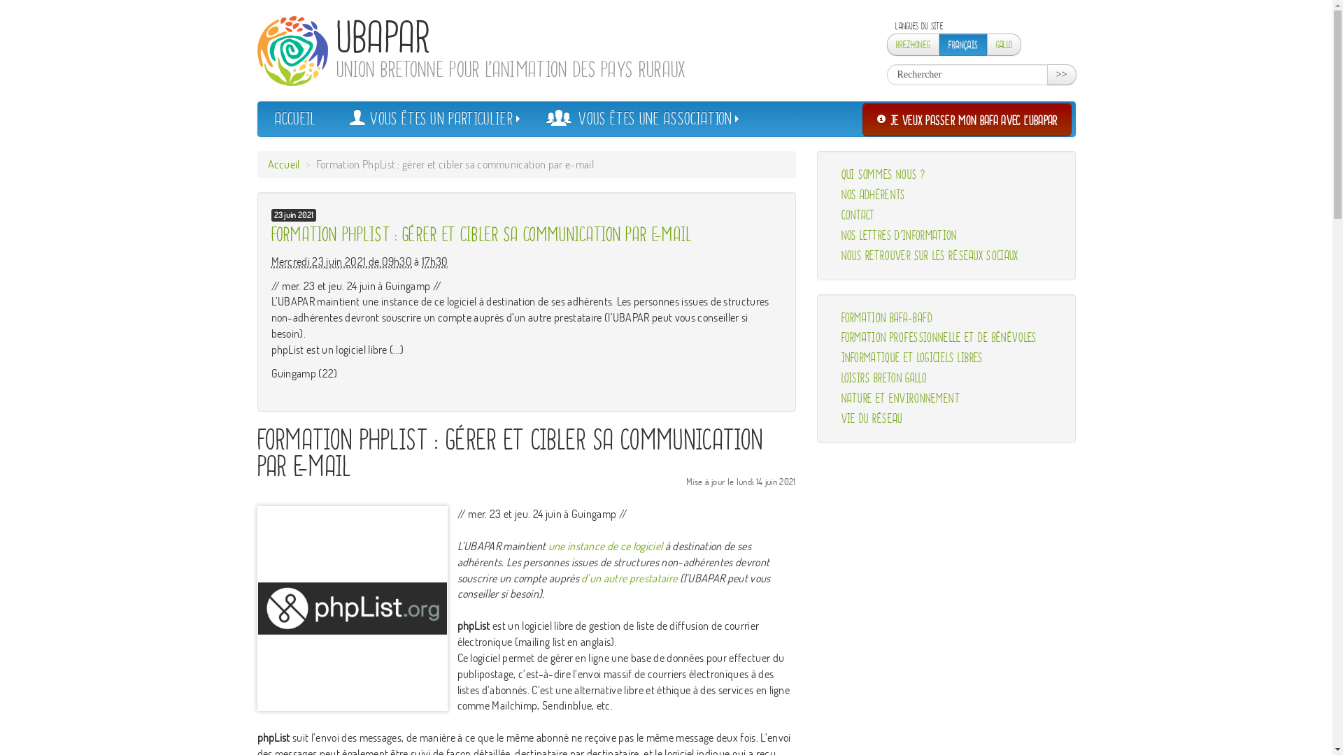 The height and width of the screenshot is (755, 1343). What do you see at coordinates (946, 357) in the screenshot?
I see `'INFORMATIQUE ET LOGICIELS LIBRES'` at bounding box center [946, 357].